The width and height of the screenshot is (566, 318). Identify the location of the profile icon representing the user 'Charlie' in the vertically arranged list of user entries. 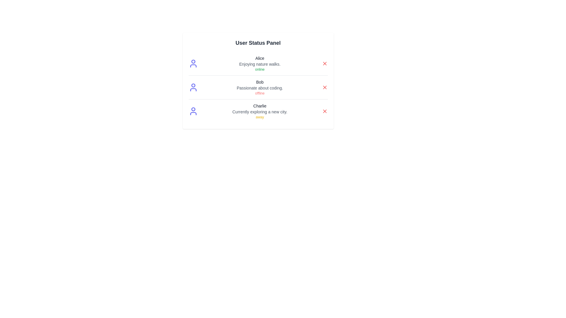
(193, 111).